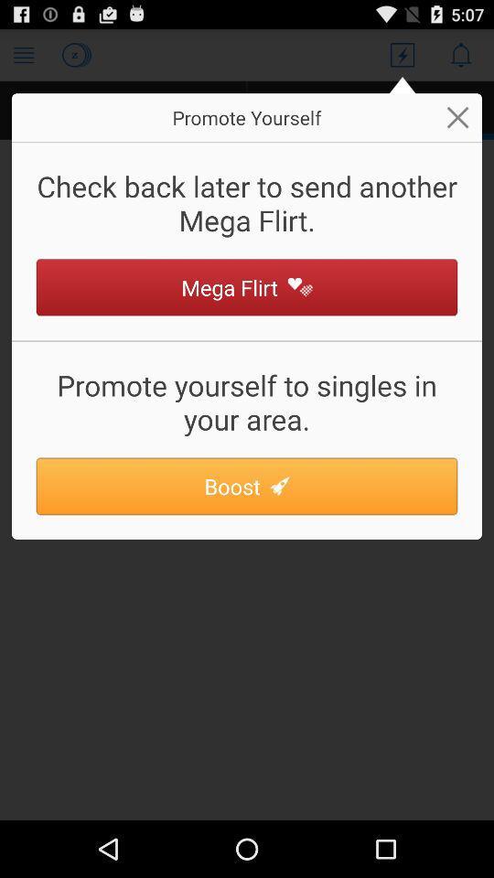 The width and height of the screenshot is (494, 878). I want to click on closed option, so click(456, 116).